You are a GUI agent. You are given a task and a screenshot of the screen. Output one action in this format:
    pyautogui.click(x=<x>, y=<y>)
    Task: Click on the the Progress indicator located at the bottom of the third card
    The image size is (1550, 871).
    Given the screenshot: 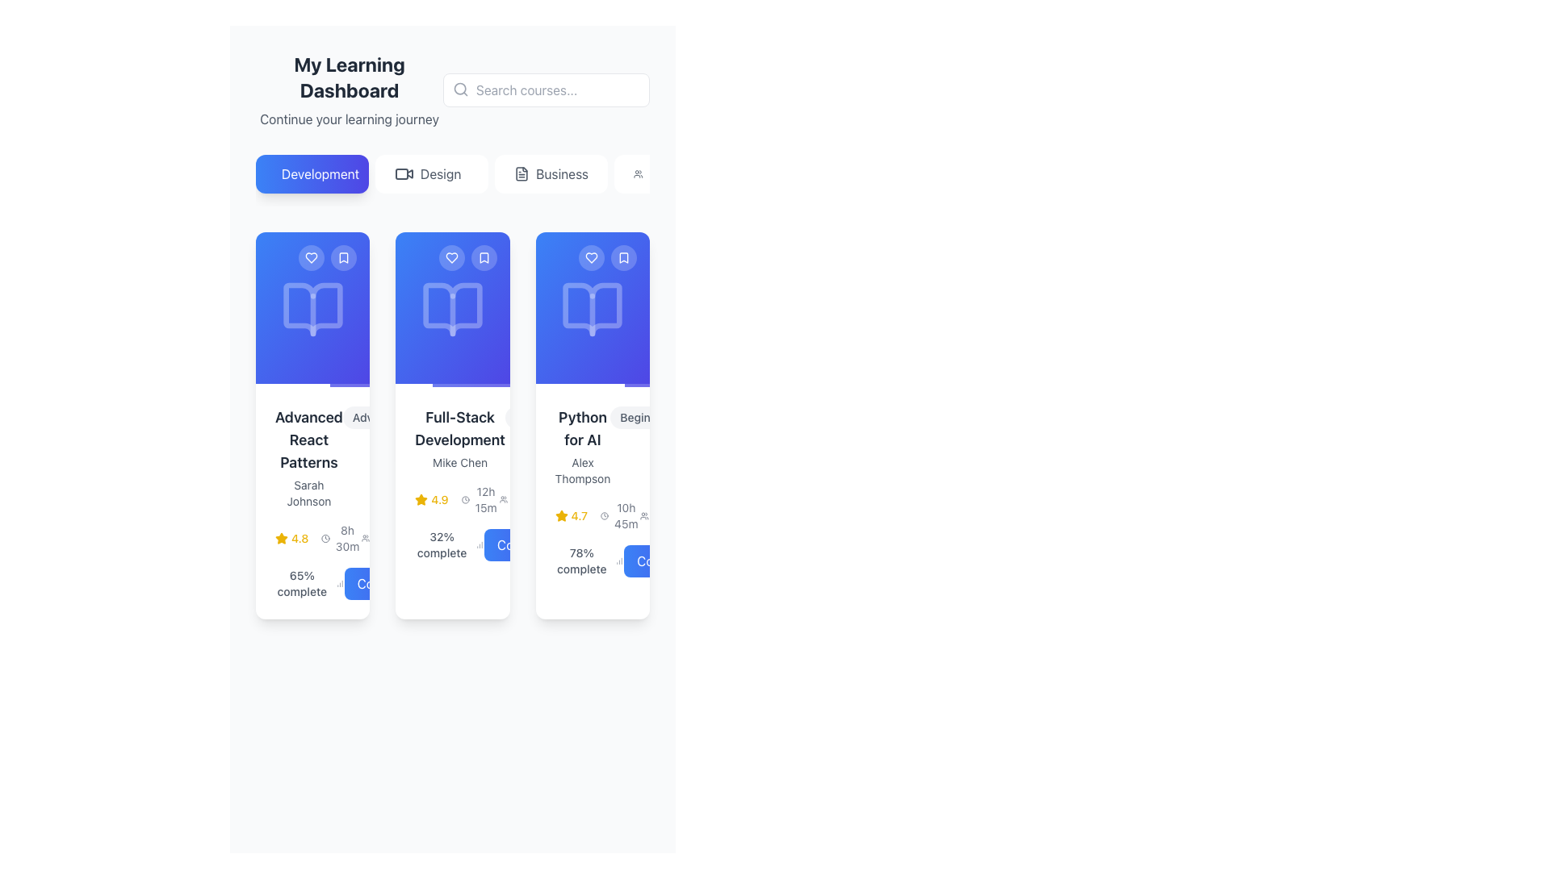 What is the action you would take?
    pyautogui.click(x=592, y=560)
    